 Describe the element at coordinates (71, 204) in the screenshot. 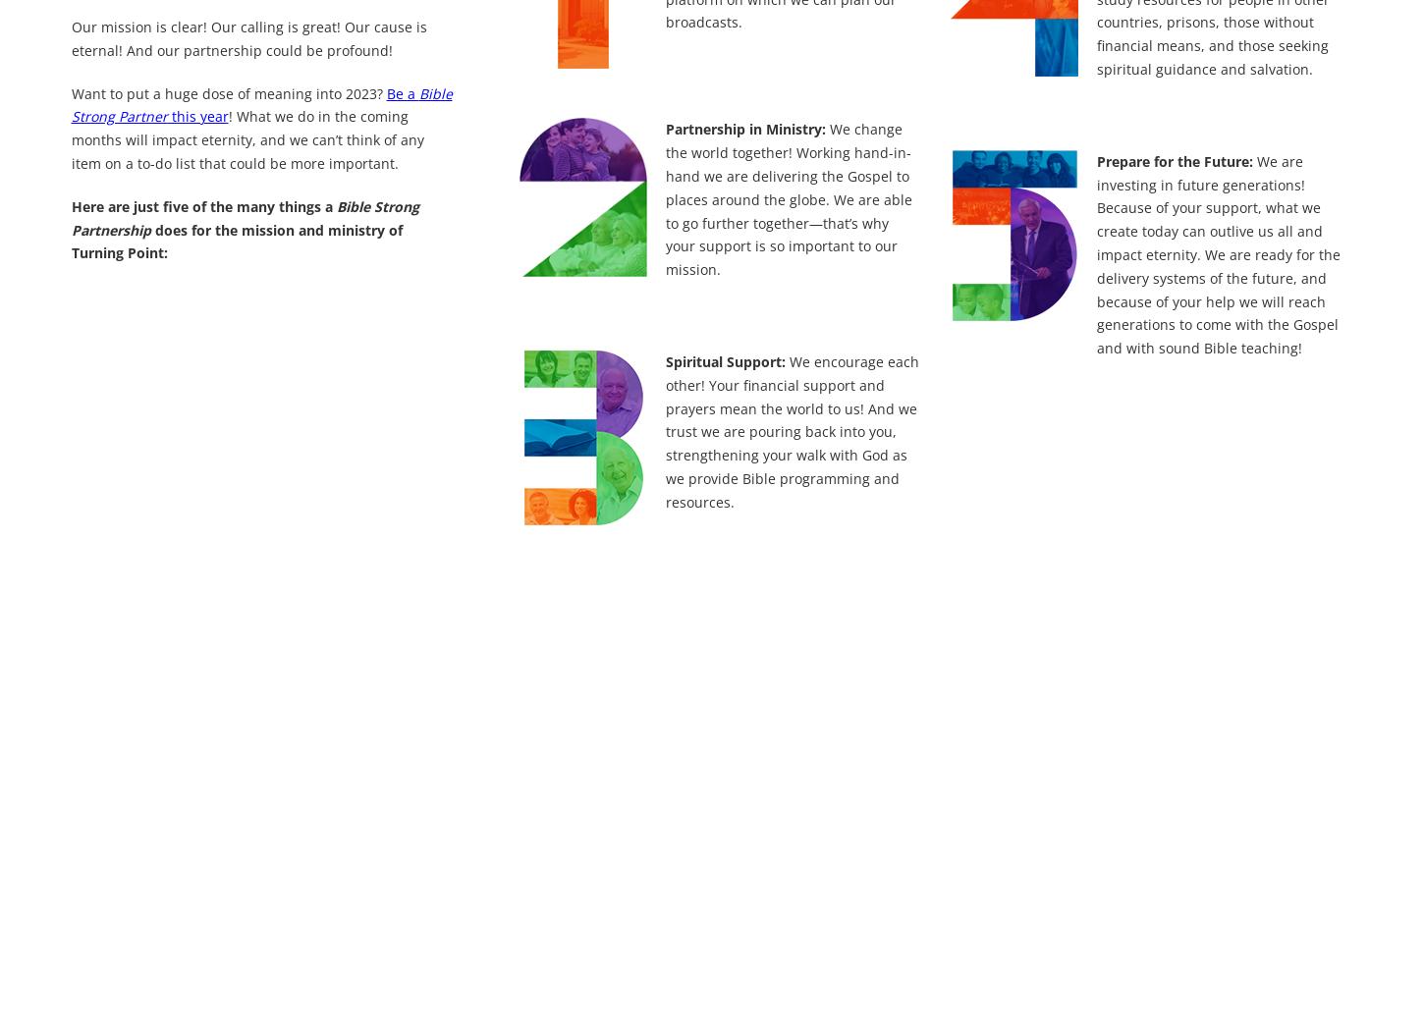

I see `'Here are just five of the many things a'` at that location.